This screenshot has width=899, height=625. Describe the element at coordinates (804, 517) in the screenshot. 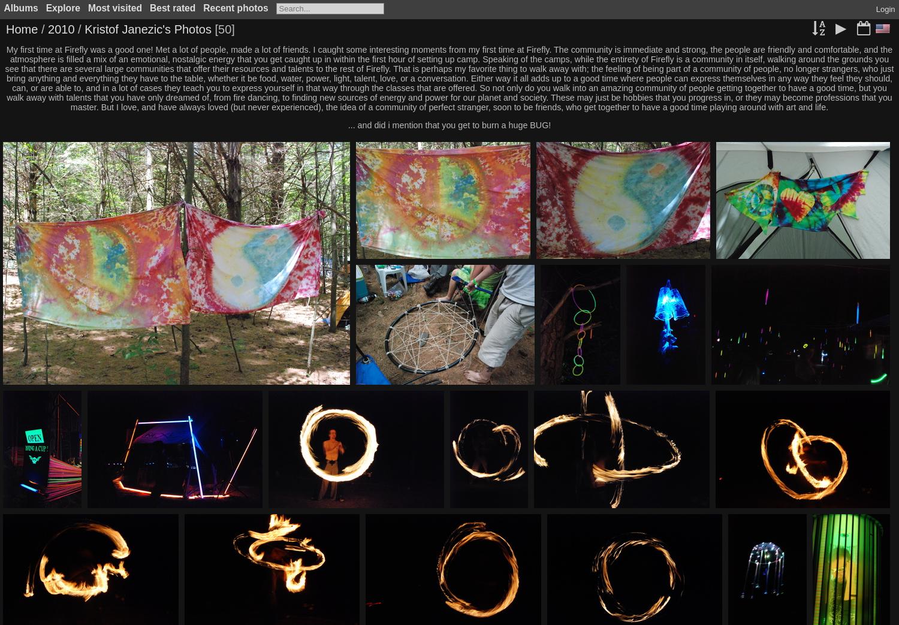

I see `'IMG 164'` at that location.